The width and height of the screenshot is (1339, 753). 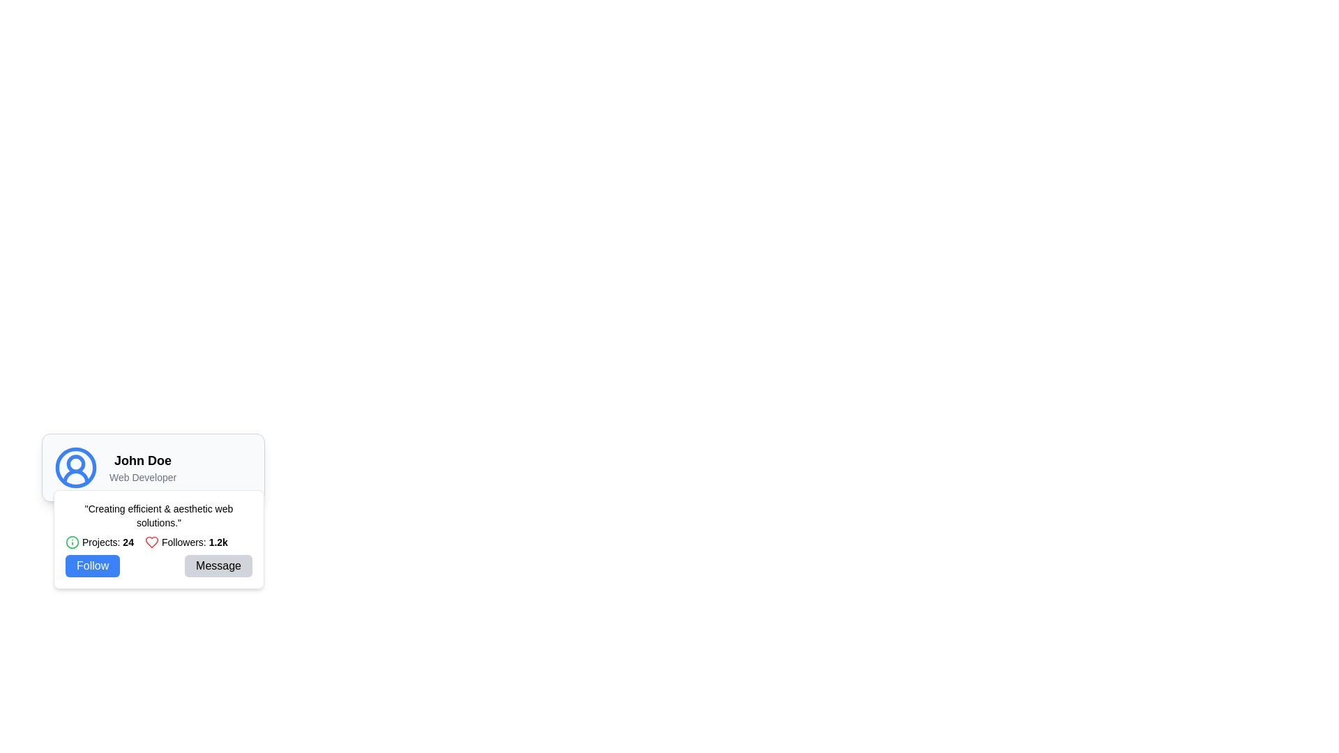 I want to click on the label with an information icon and text 'Projects: 24' located in the lower portion of the user's profile card, so click(x=99, y=542).